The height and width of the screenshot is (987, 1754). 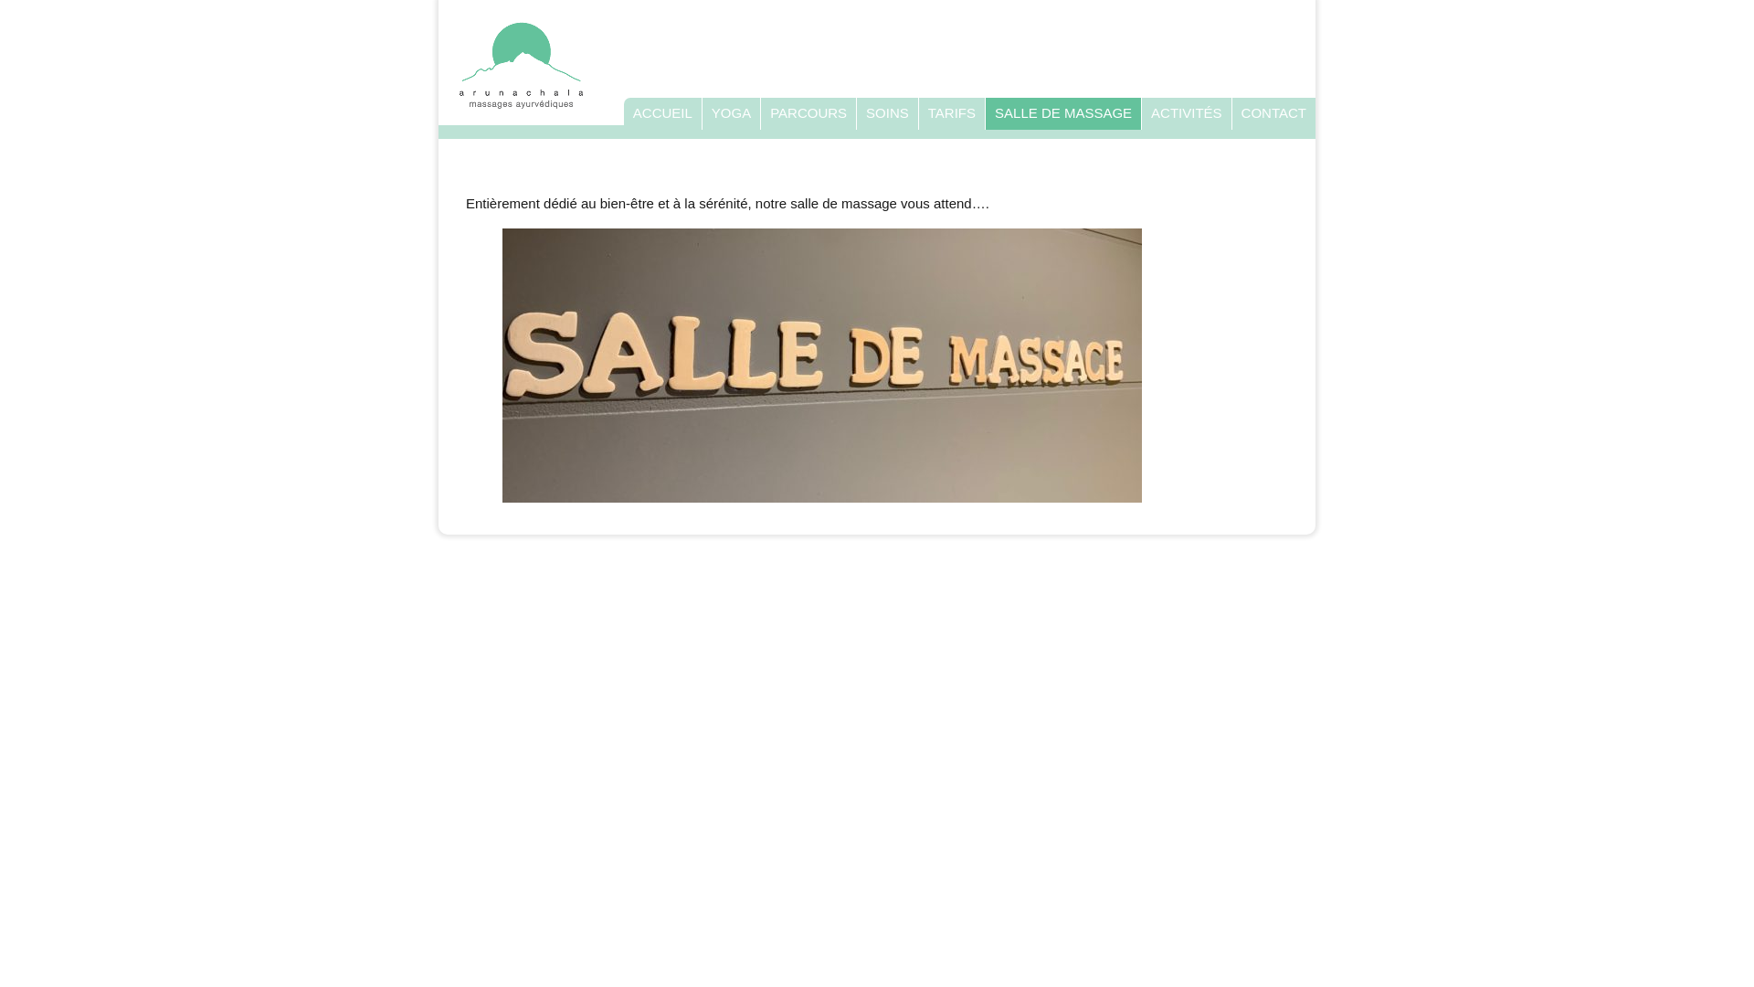 What do you see at coordinates (1062, 112) in the screenshot?
I see `'SALLE DE MASSAGE'` at bounding box center [1062, 112].